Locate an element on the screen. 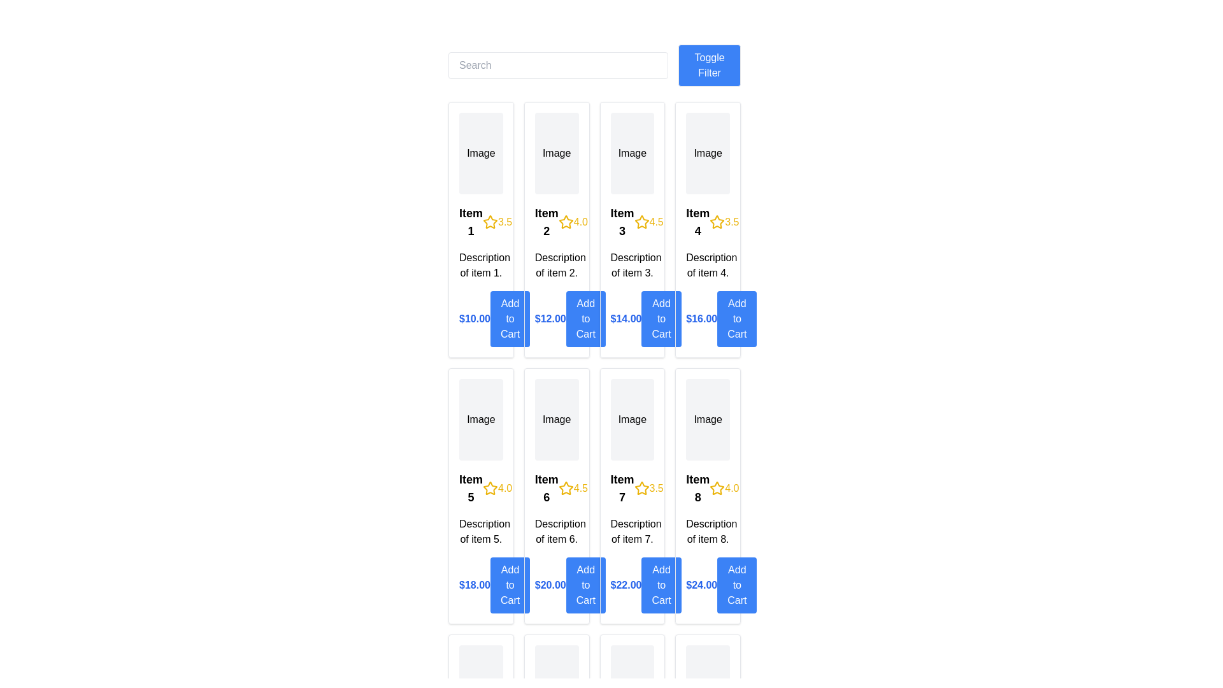  the Display text with an inline icon for rating, which shows the product title and rating in the fourth card of the grid layout is located at coordinates (707, 221).